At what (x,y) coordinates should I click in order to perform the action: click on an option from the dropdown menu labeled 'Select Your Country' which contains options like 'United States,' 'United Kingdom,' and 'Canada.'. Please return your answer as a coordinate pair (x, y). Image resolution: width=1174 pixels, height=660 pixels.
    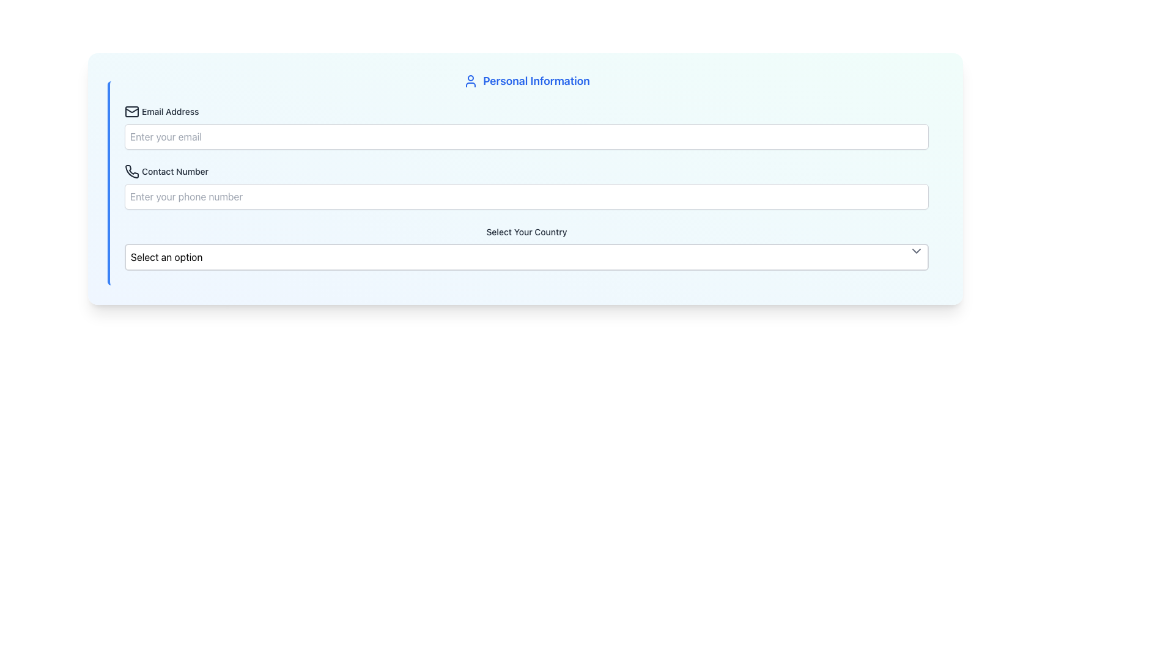
    Looking at the image, I should click on (526, 256).